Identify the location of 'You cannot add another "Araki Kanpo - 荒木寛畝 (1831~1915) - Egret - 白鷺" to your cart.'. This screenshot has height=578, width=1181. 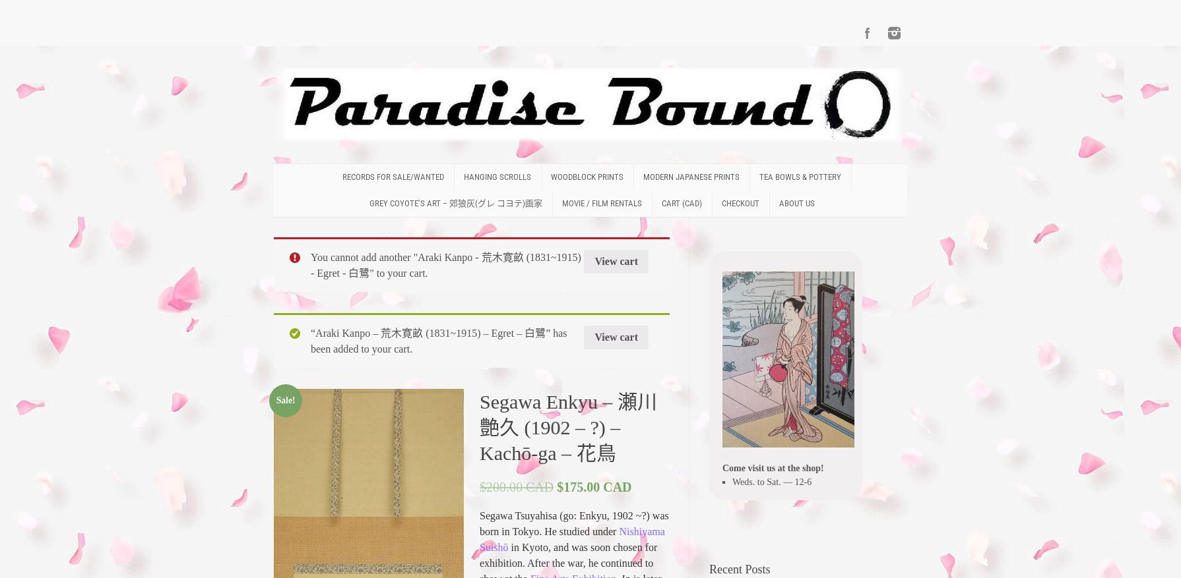
(309, 264).